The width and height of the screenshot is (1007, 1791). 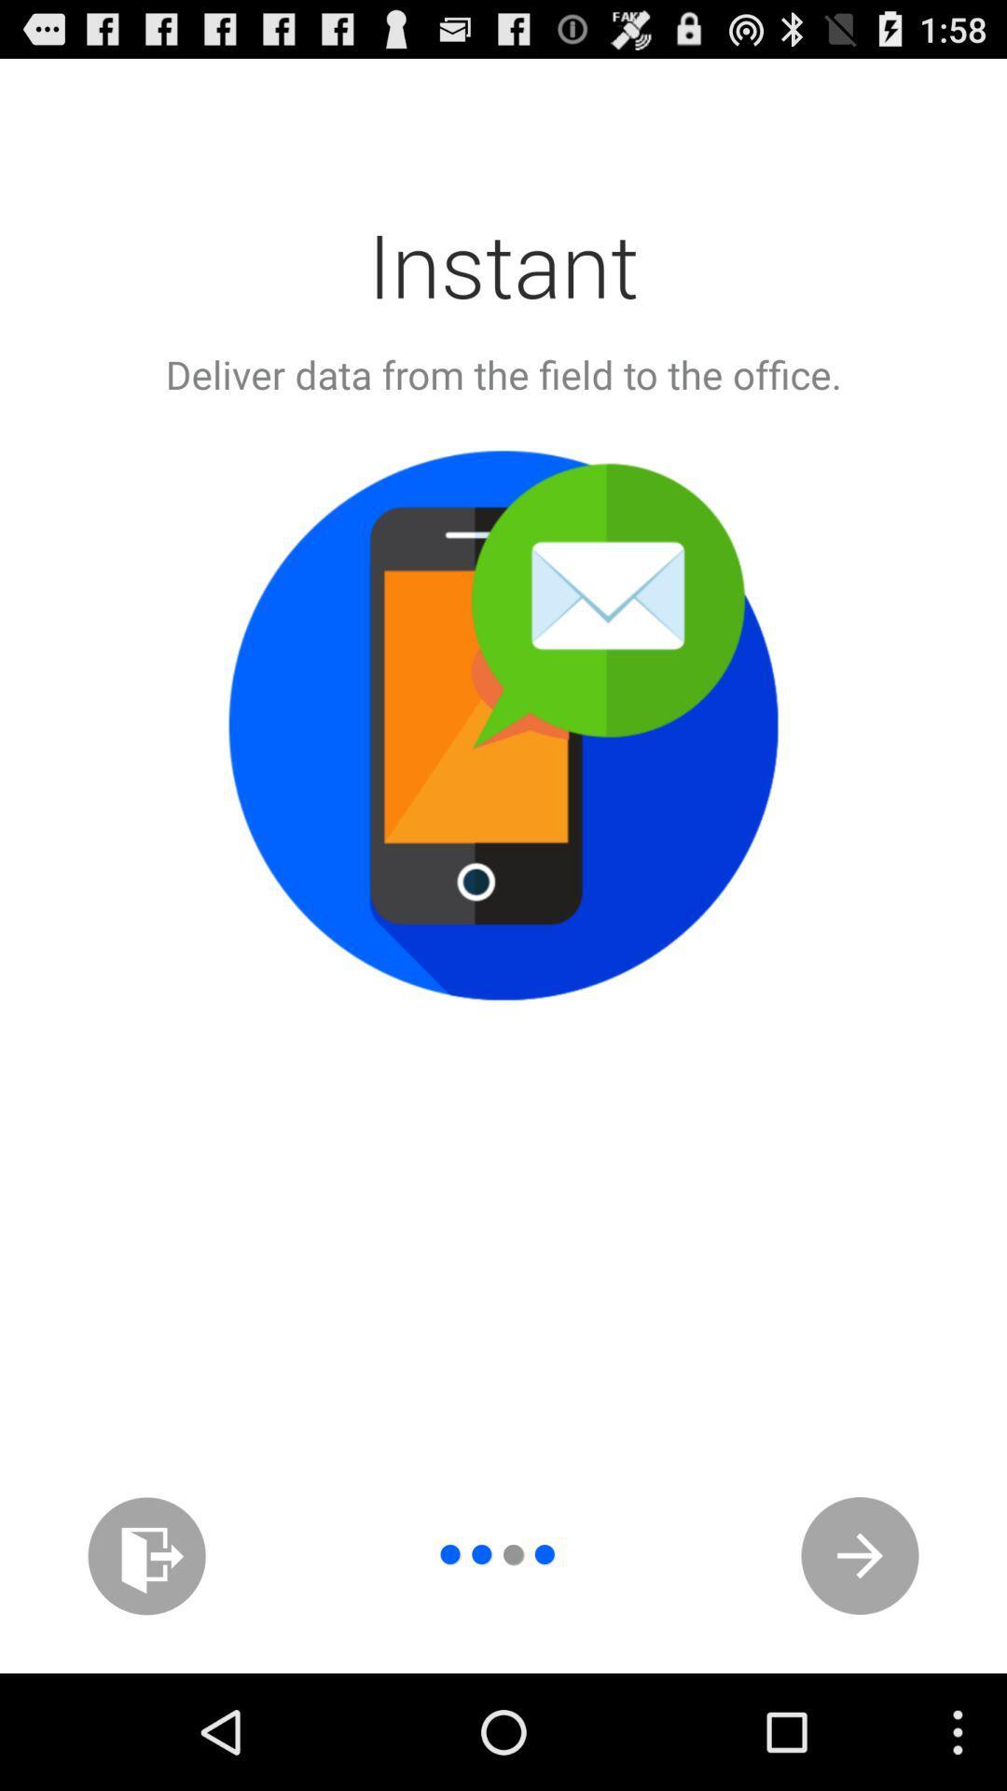 I want to click on the arrow_forward icon, so click(x=860, y=1665).